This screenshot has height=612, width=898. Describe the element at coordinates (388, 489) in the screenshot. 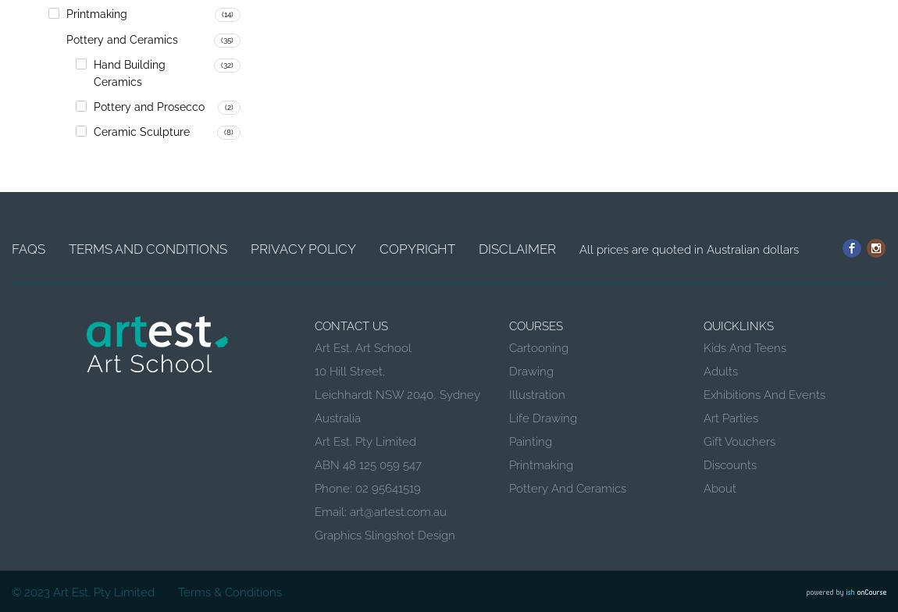

I see `'02 95641519'` at that location.